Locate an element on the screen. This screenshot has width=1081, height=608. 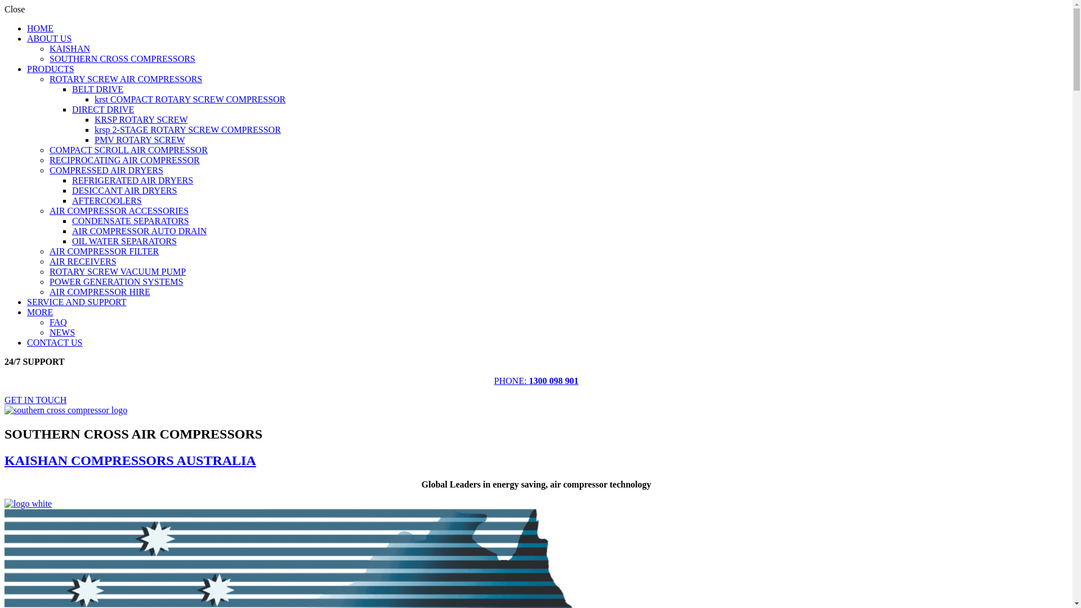
'COMPRESSED AIR DRYERS' is located at coordinates (106, 170).